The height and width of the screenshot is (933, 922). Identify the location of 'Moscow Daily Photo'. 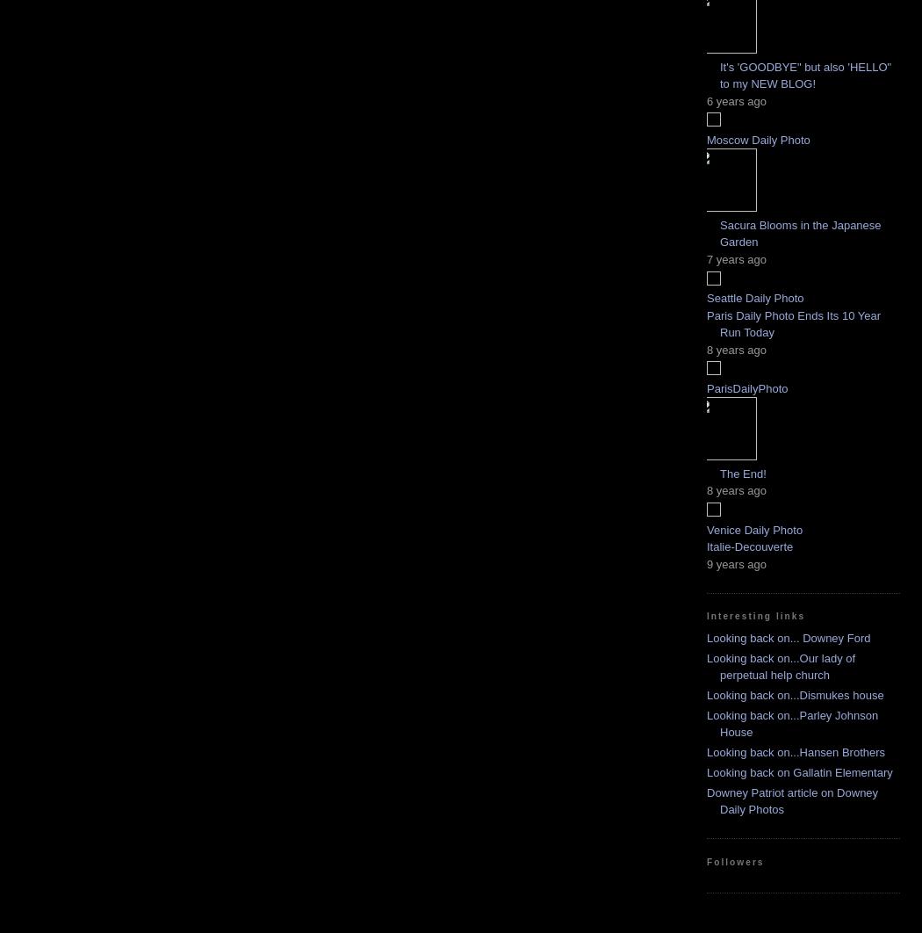
(706, 139).